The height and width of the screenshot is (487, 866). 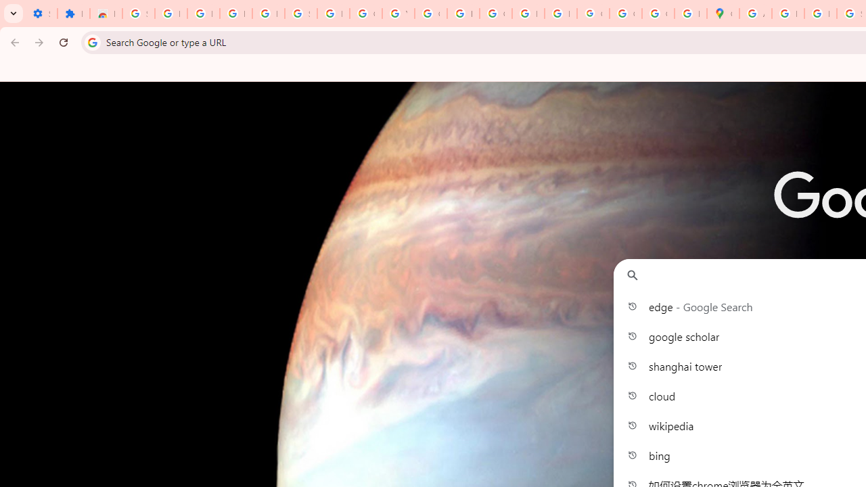 I want to click on 'Sign in - Google Accounts', so click(x=138, y=14).